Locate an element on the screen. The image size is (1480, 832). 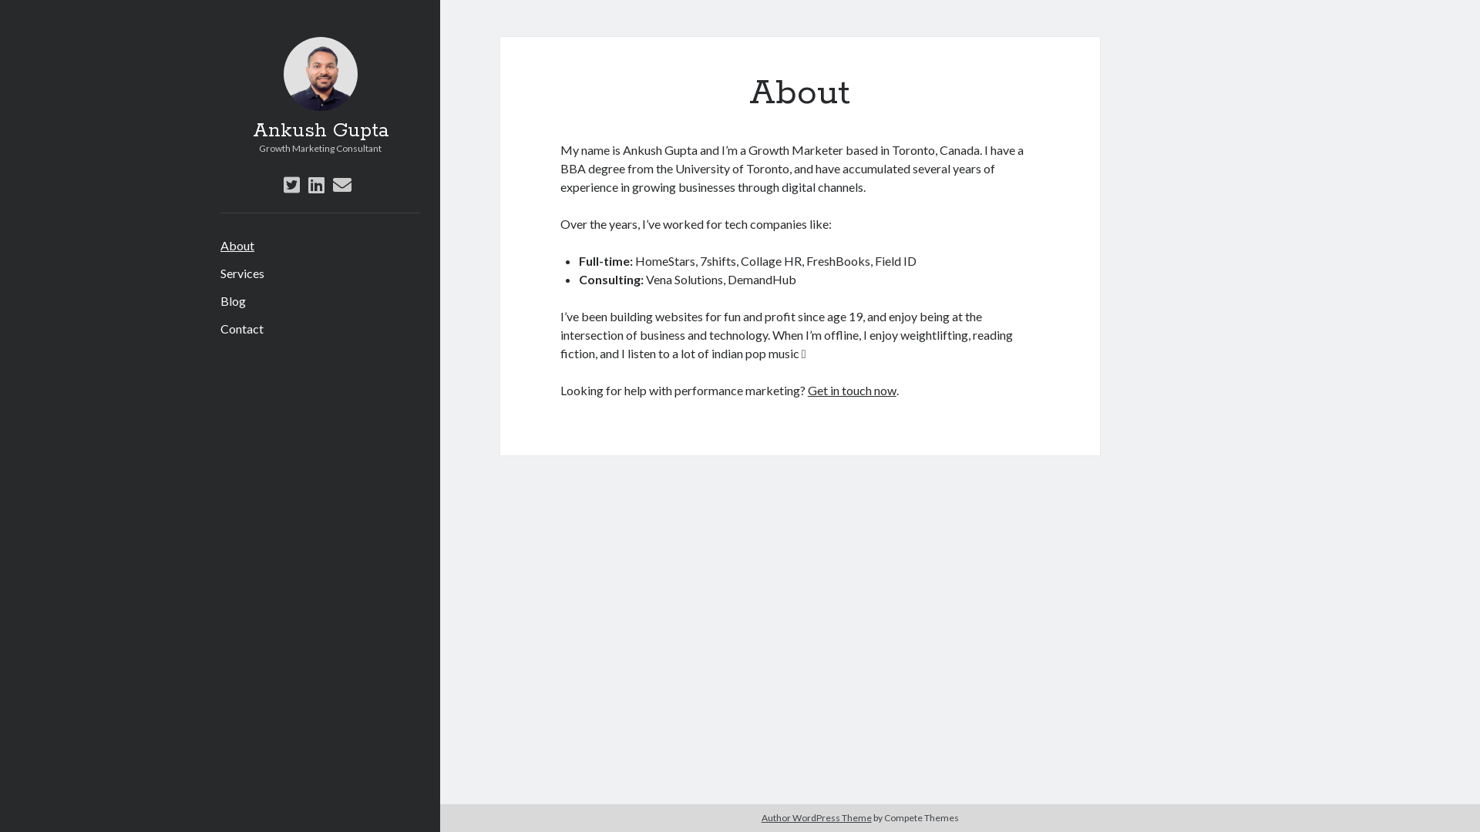
'Services' is located at coordinates (241, 272).